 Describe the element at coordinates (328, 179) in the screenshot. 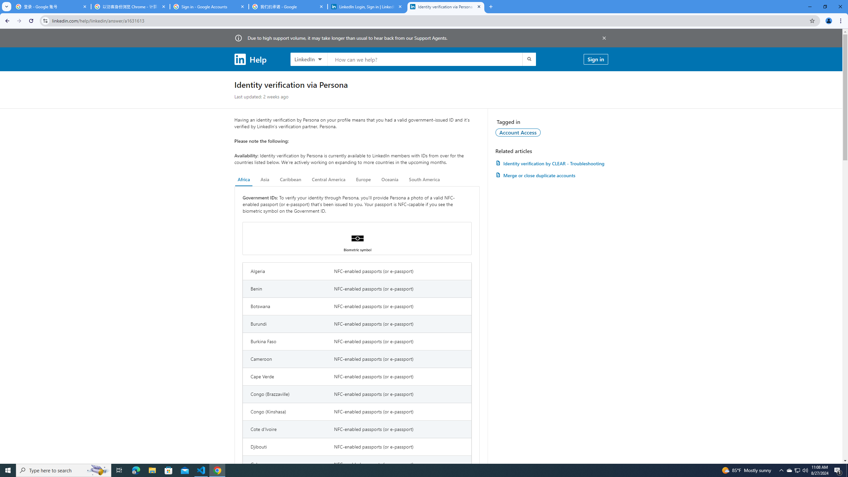

I see `'Central America'` at that location.